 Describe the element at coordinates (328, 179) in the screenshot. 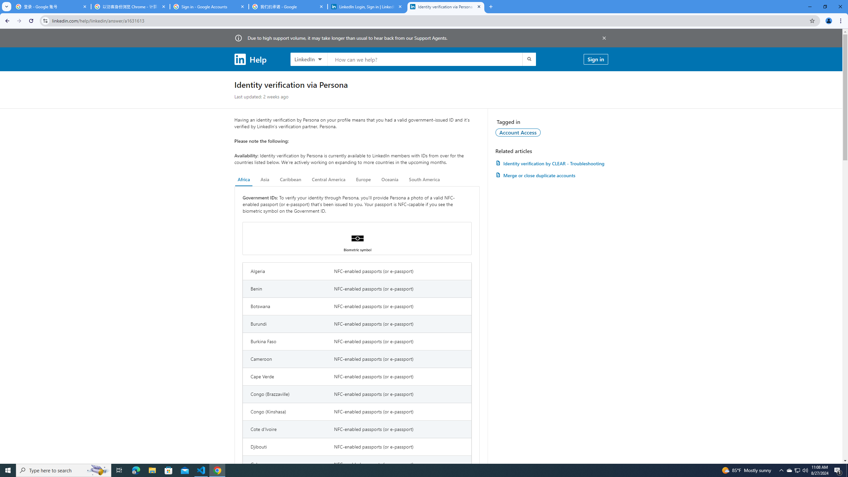

I see `'Central America'` at that location.